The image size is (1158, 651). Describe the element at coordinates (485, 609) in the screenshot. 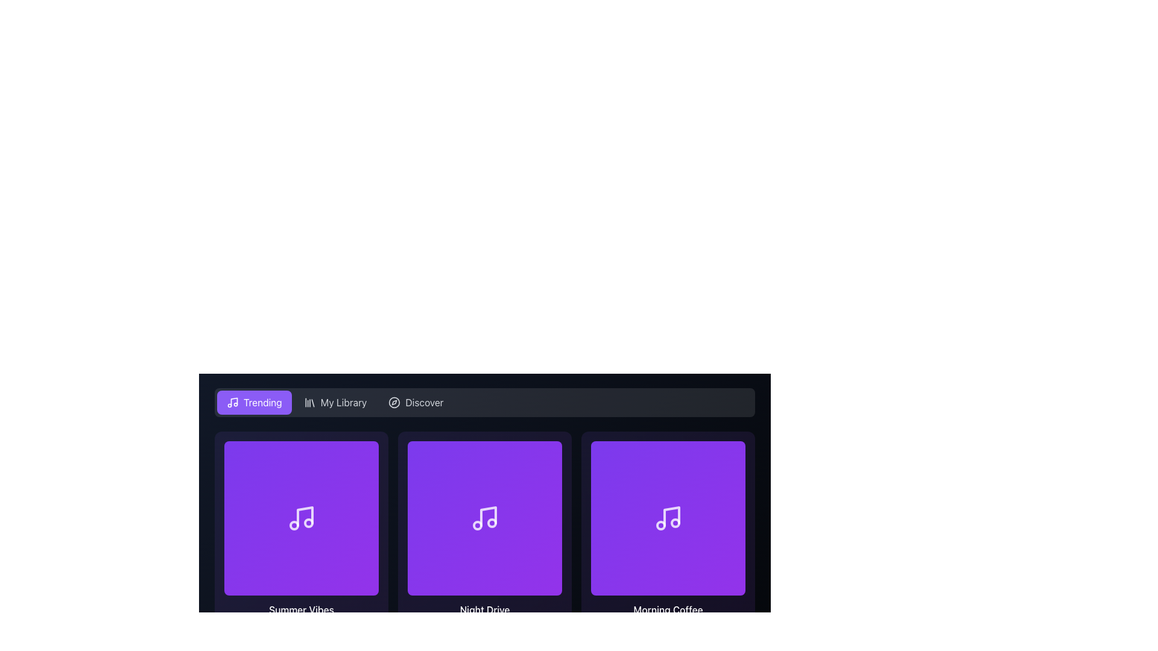

I see `the text label displaying 'Night Drive' located at the bottom of a card interface with a vibrant purple background gradient` at that location.